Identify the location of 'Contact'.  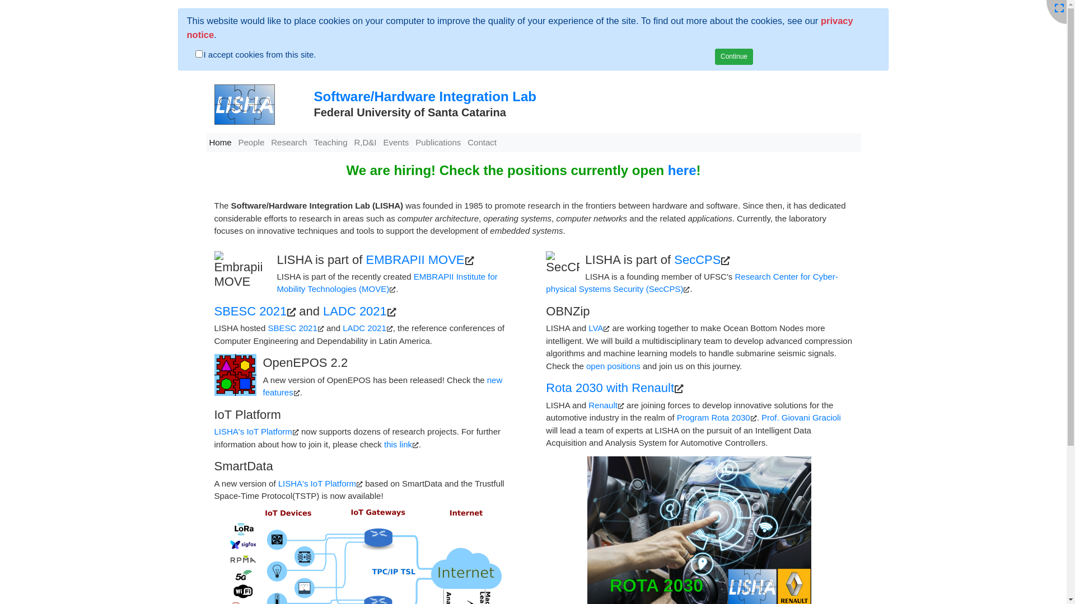
(482, 142).